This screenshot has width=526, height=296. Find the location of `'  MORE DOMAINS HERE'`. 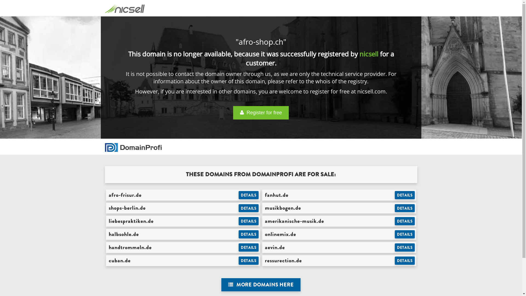

'  MORE DOMAINS HERE' is located at coordinates (221, 284).